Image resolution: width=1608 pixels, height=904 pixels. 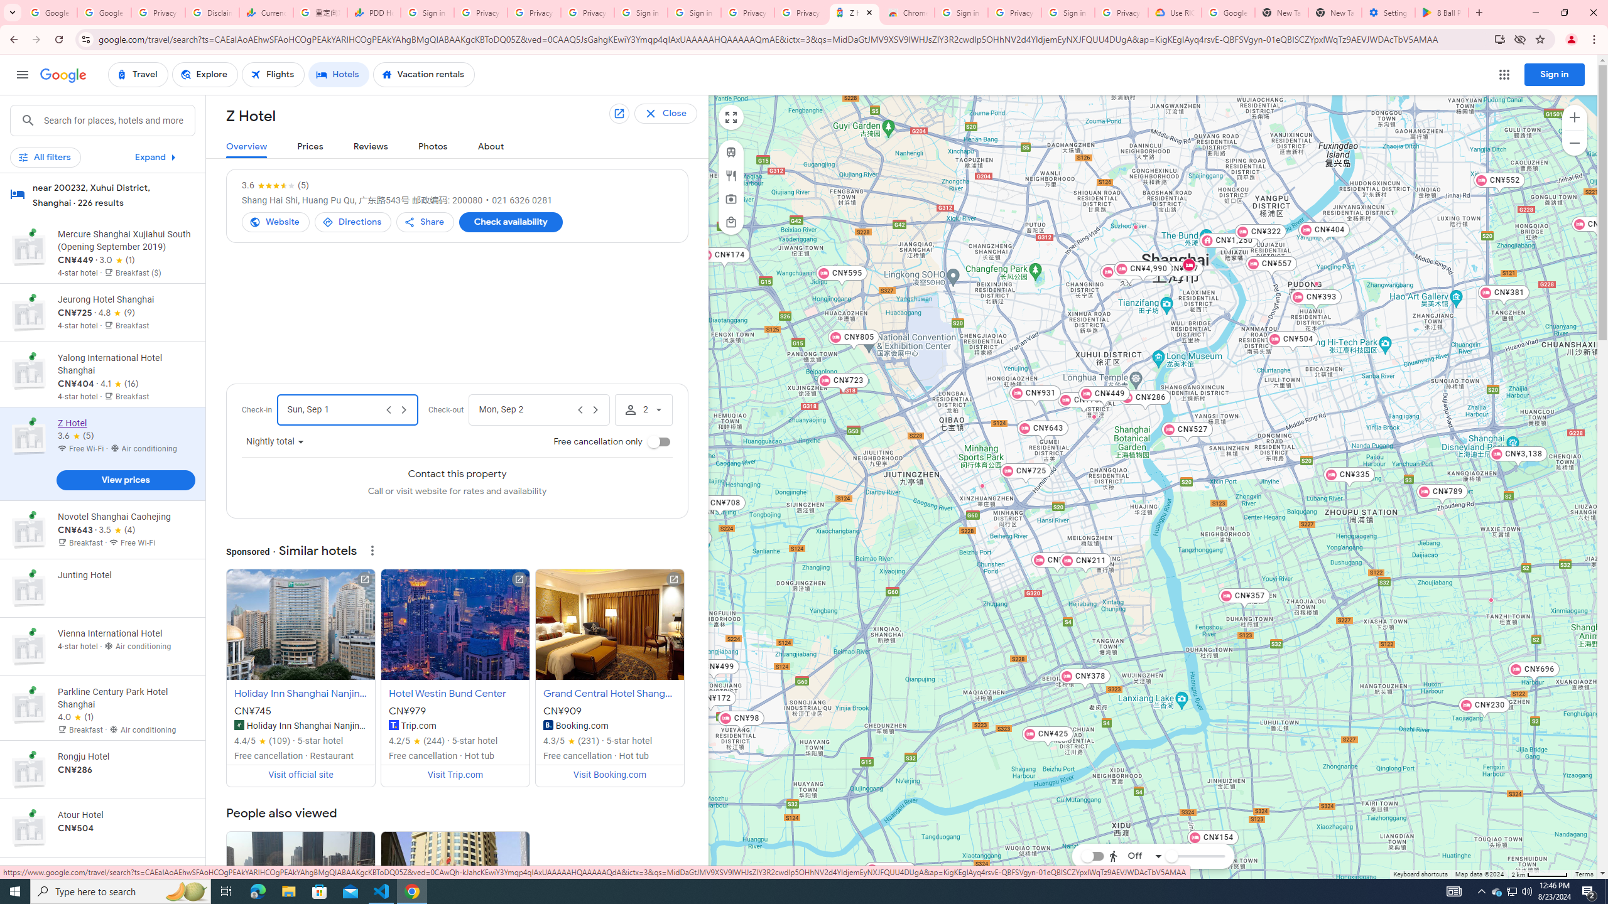 I want to click on 'View prices', so click(x=125, y=479).